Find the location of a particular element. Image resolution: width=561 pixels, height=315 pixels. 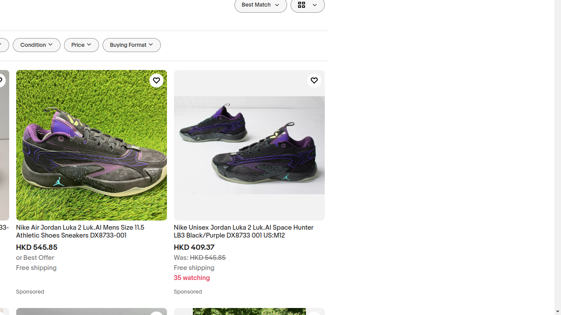

'Click to watch item - Nike Unisex Jordan Luka 2 Luk.AI Space Hunter LB3 Black/Purple DX8733 001 US:M12' is located at coordinates (314, 80).